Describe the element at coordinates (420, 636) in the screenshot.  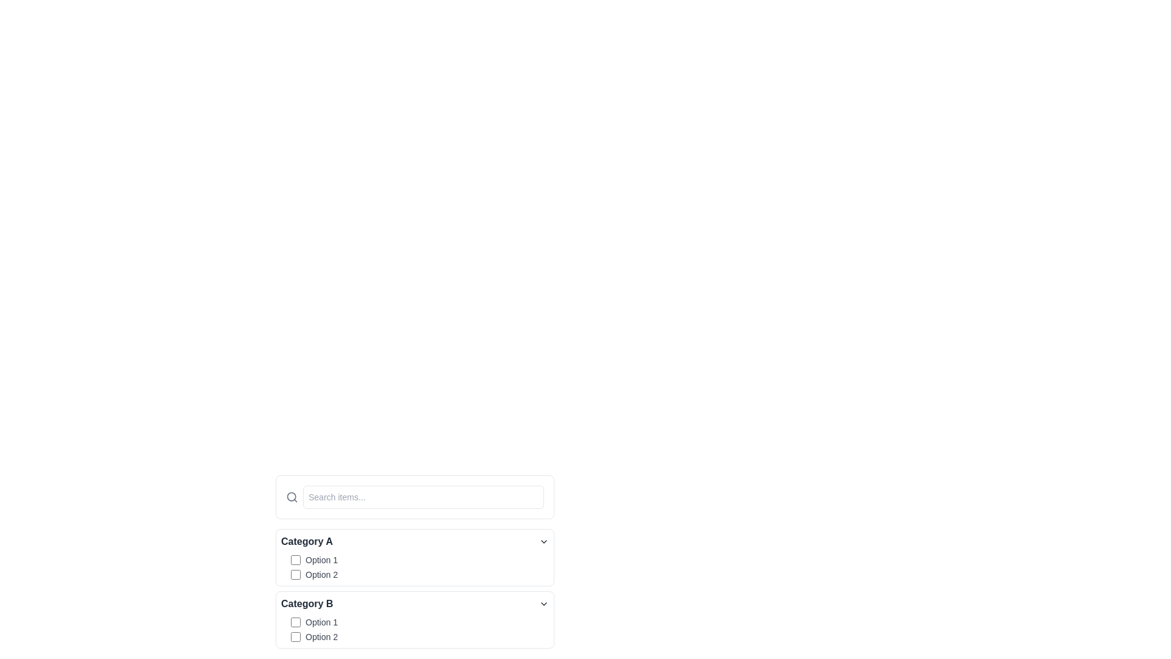
I see `the 'Option 2' checkbox` at that location.